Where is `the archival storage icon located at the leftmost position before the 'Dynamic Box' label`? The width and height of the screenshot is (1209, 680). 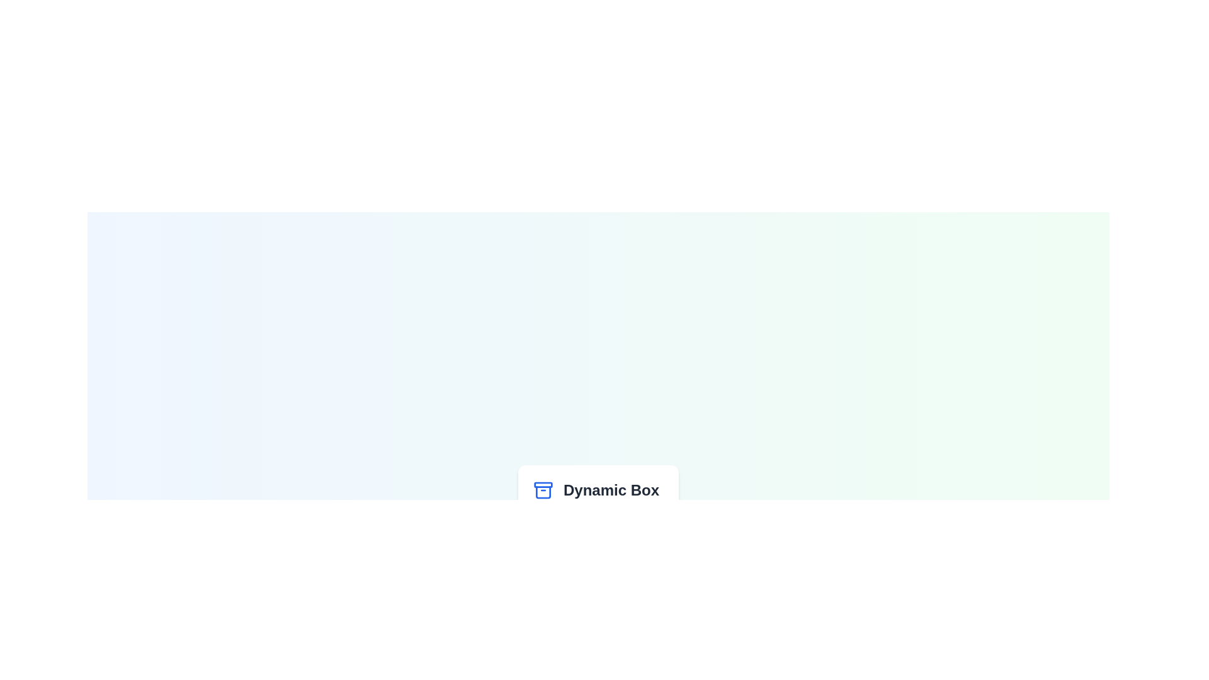
the archival storage icon located at the leftmost position before the 'Dynamic Box' label is located at coordinates (543, 490).